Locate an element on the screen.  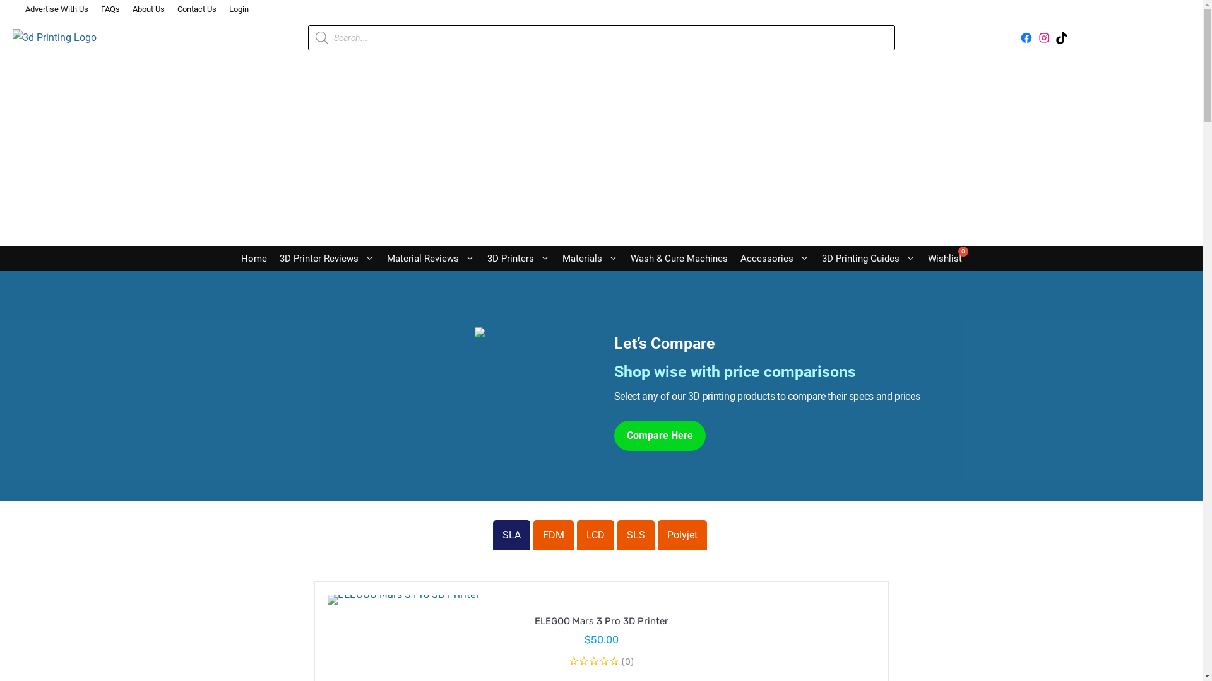
'Home' is located at coordinates (253, 257).